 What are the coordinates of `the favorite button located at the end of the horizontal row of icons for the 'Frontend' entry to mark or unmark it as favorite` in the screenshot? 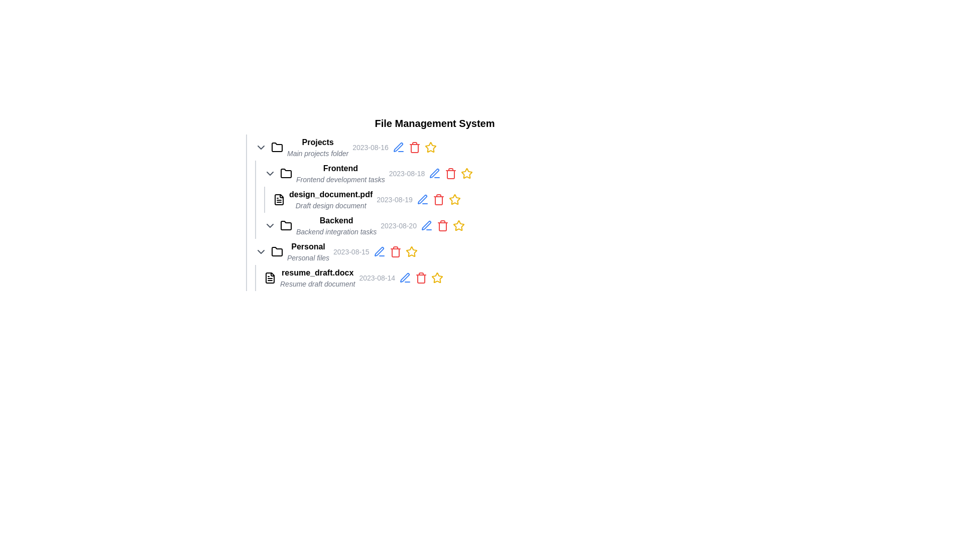 It's located at (466, 173).